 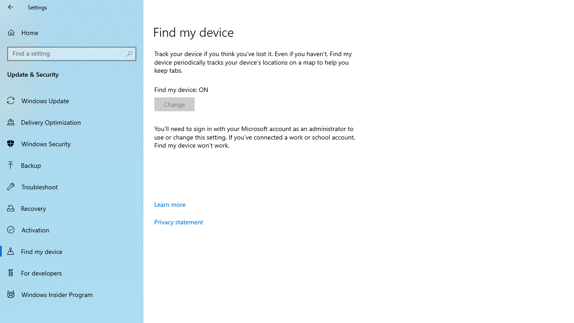 I want to click on 'Home', so click(x=72, y=32).